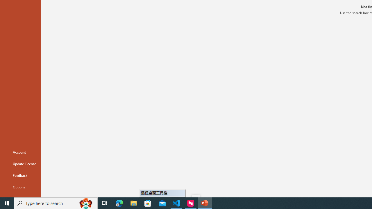  What do you see at coordinates (20, 164) in the screenshot?
I see `'Update License'` at bounding box center [20, 164].